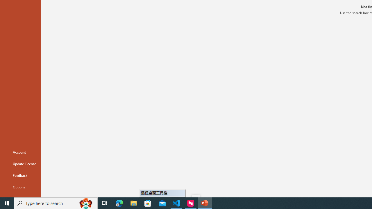  What do you see at coordinates (20, 164) in the screenshot?
I see `'Update License'` at bounding box center [20, 164].